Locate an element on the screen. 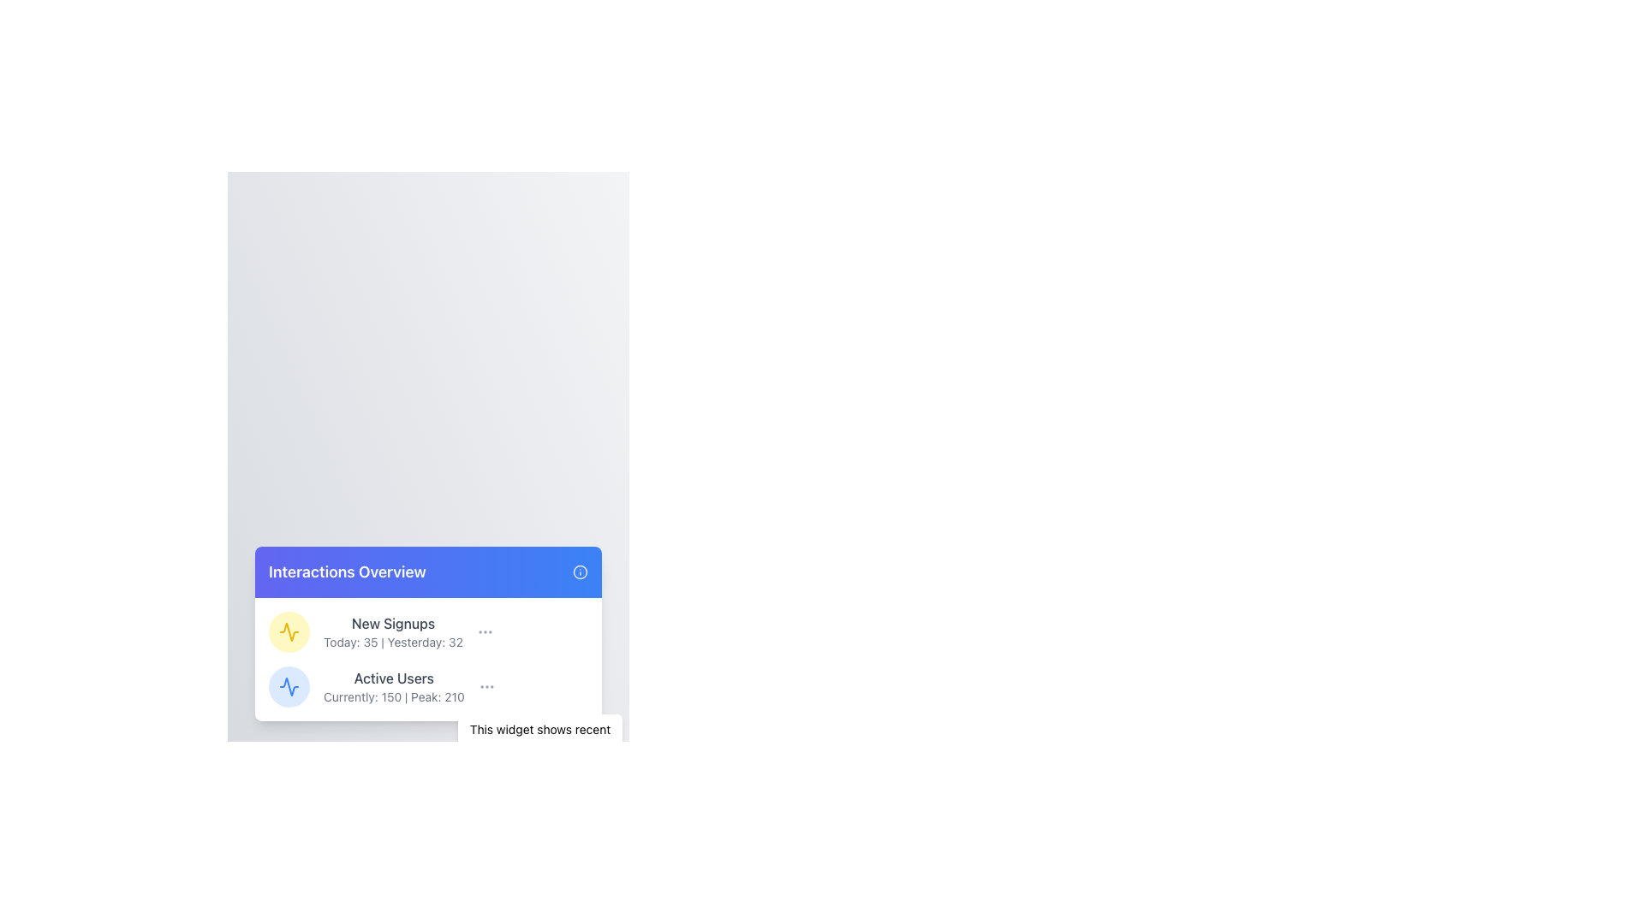 Image resolution: width=1644 pixels, height=924 pixels. the informational help button located on the far right side of the blue header for 'Interactions Overview' is located at coordinates (580, 572).